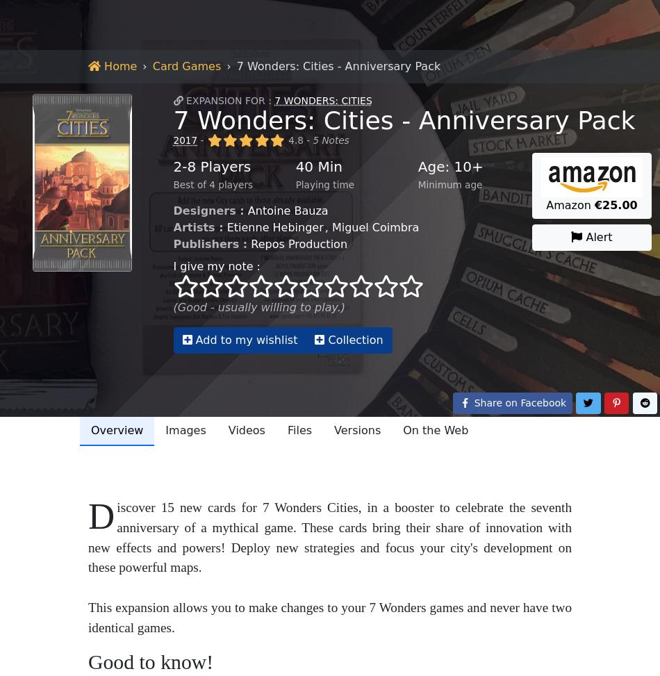 This screenshot has width=660, height=676. What do you see at coordinates (81, 108) in the screenshot?
I see `'7 Wonders - Cities Tom Vasel'` at bounding box center [81, 108].